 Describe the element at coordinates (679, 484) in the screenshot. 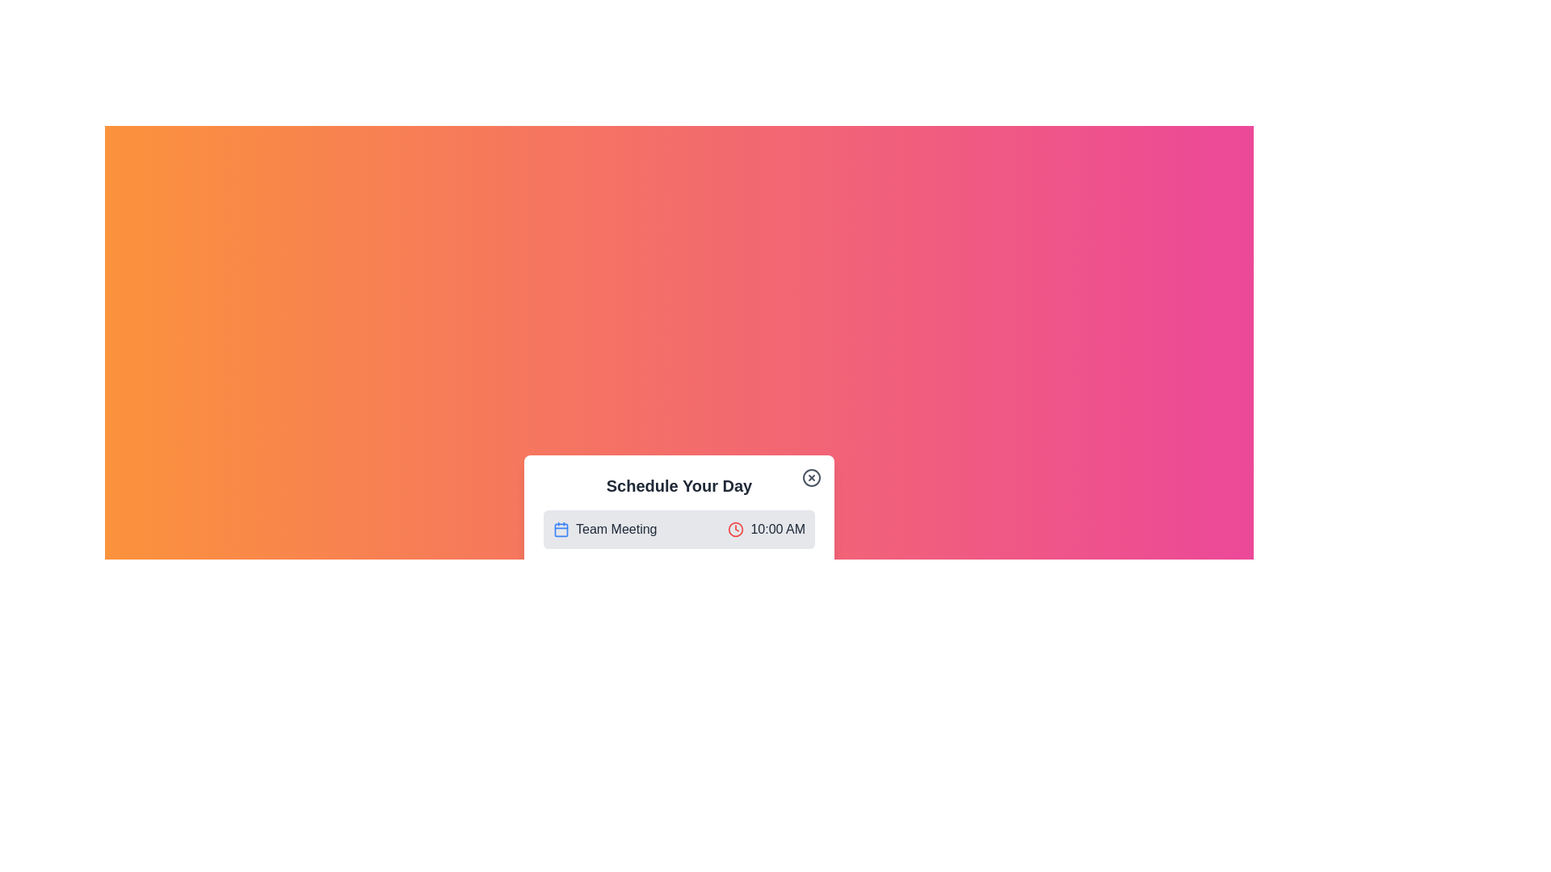

I see `the bold and large text label heading that reads 'Schedule Your Day', which is prominently positioned at the top of a card layout with a white background, rounded corners, and a shadow effect` at that location.